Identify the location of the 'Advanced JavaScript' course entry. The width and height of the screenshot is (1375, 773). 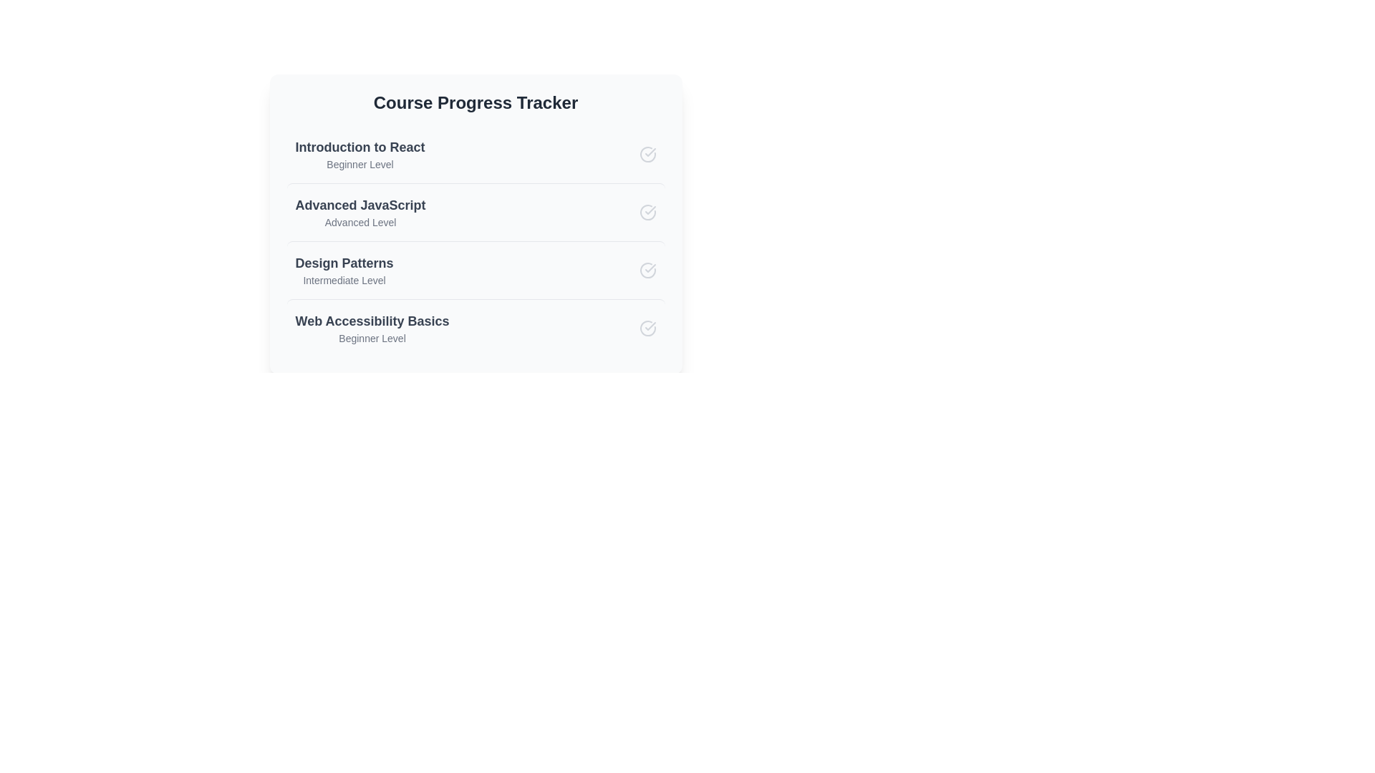
(476, 215).